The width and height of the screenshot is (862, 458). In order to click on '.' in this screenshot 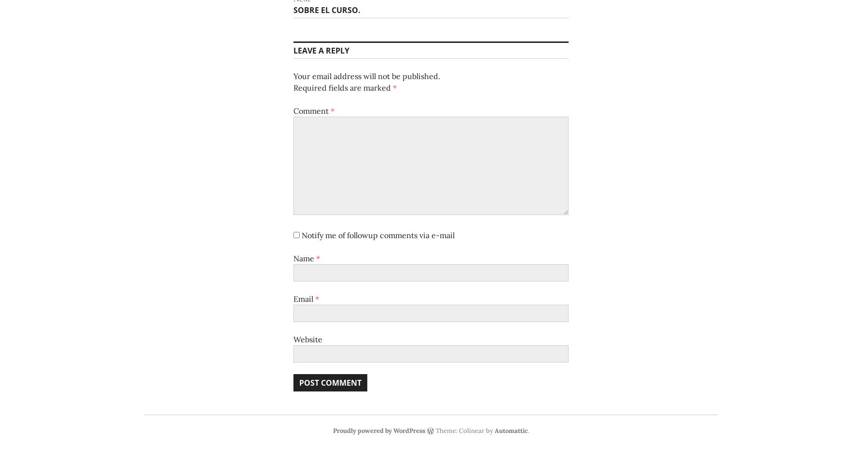, I will do `click(527, 430)`.